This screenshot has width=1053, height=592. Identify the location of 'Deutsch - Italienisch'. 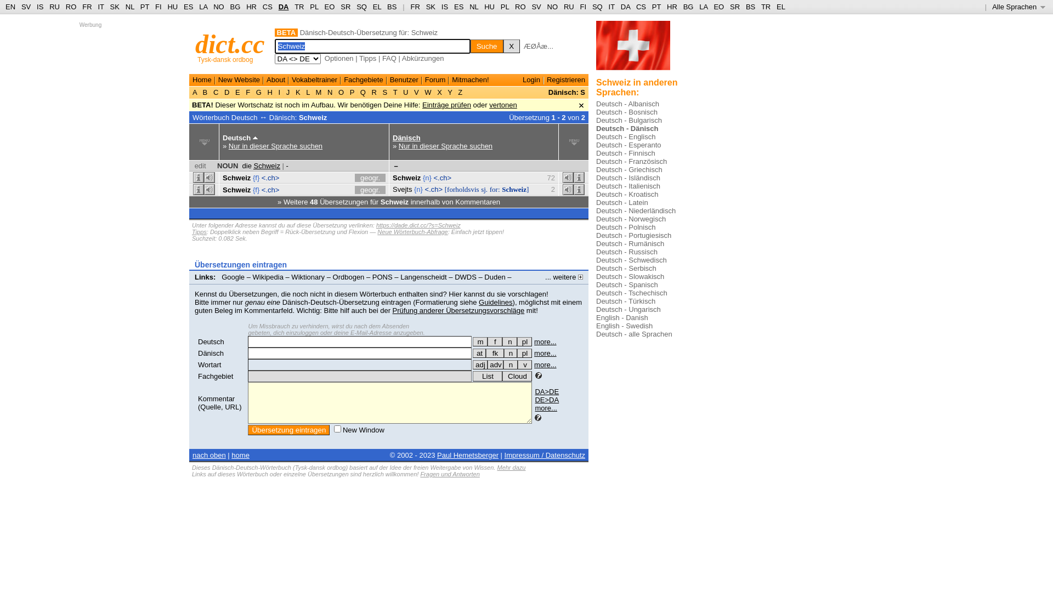
(628, 185).